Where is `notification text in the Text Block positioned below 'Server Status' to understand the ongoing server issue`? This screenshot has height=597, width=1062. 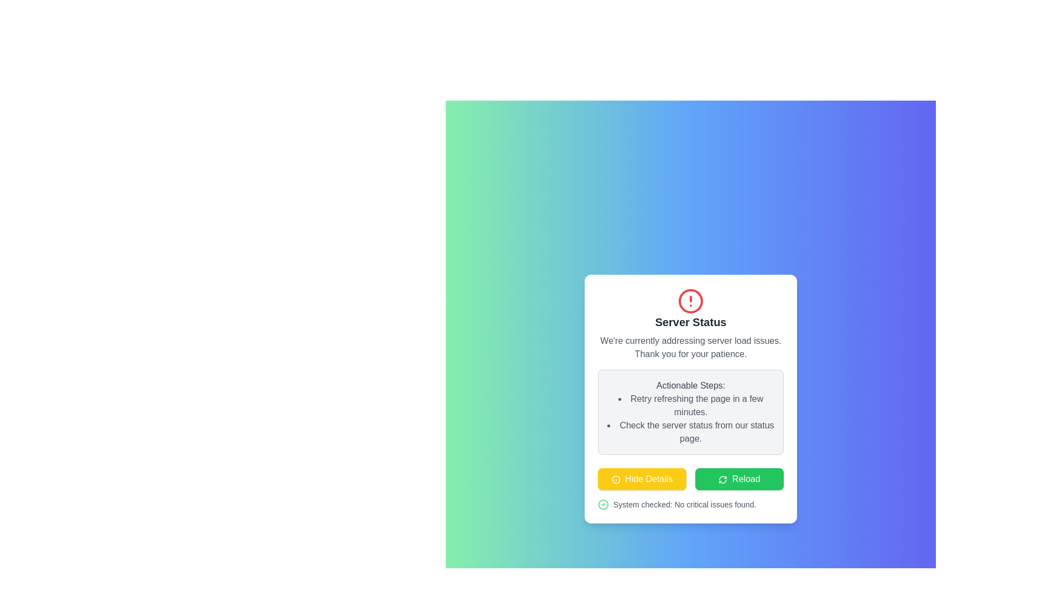
notification text in the Text Block positioned below 'Server Status' to understand the ongoing server issue is located at coordinates (690, 347).